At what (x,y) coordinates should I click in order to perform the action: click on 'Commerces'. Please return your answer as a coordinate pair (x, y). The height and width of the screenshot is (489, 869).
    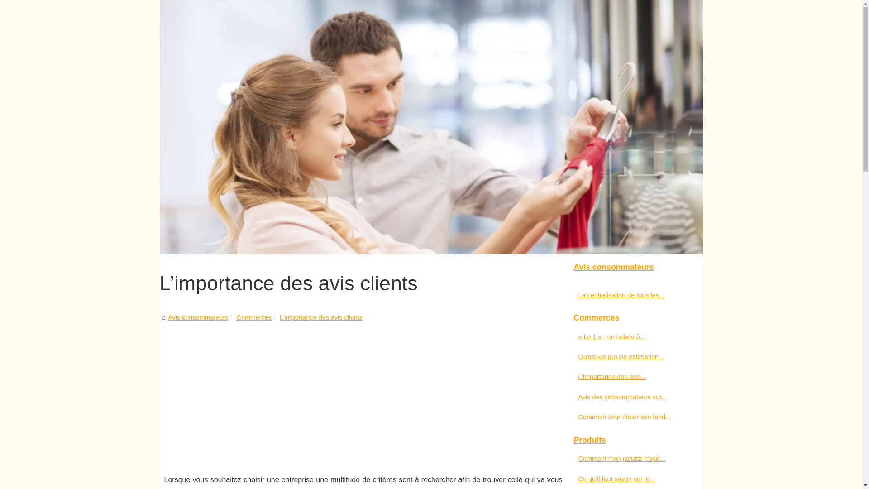
    Looking at the image, I should click on (253, 317).